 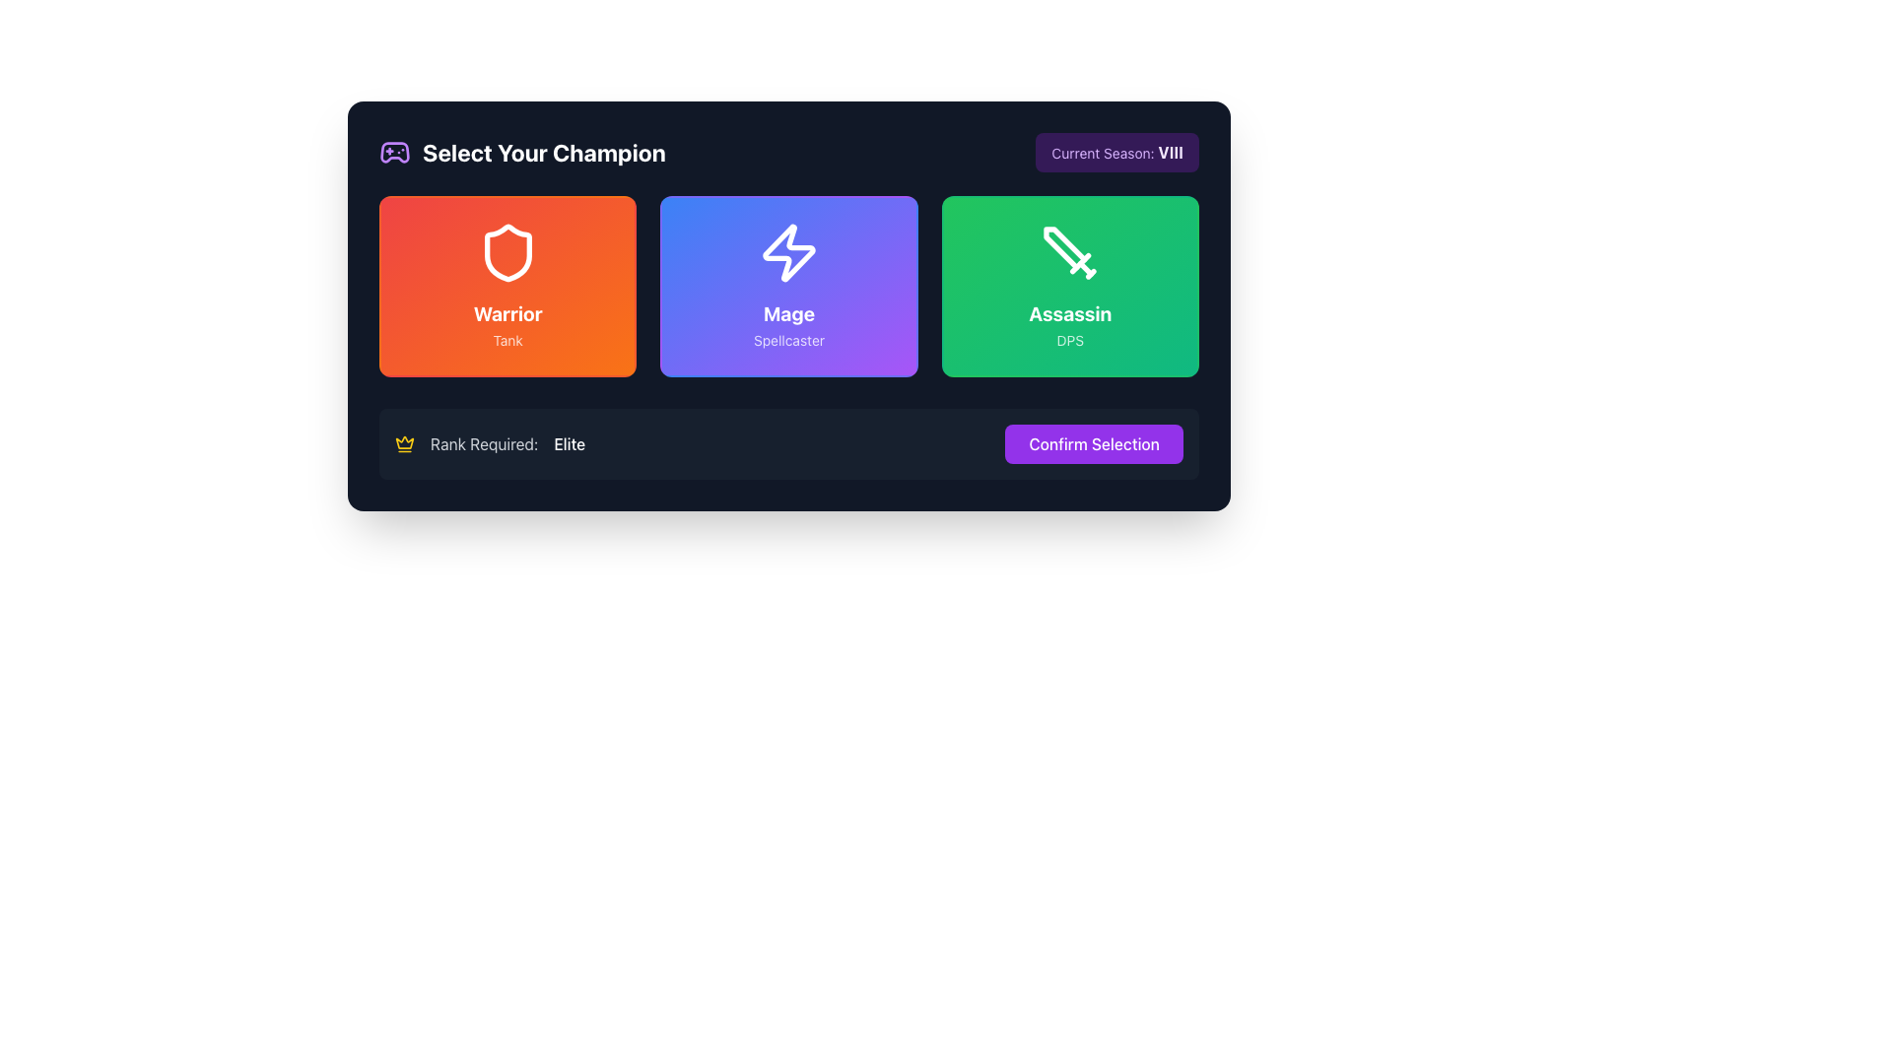 What do you see at coordinates (789, 339) in the screenshot?
I see `descriptive text label beneath the bold 'Mage' title within the 'Mage' card, which is the second card from the left among three horizontally arranged cards` at bounding box center [789, 339].